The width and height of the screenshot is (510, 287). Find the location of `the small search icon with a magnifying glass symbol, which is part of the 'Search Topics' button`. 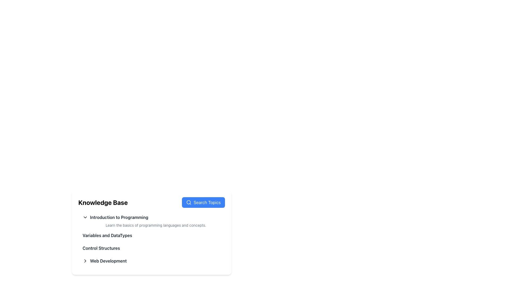

the small search icon with a magnifying glass symbol, which is part of the 'Search Topics' button is located at coordinates (189, 202).